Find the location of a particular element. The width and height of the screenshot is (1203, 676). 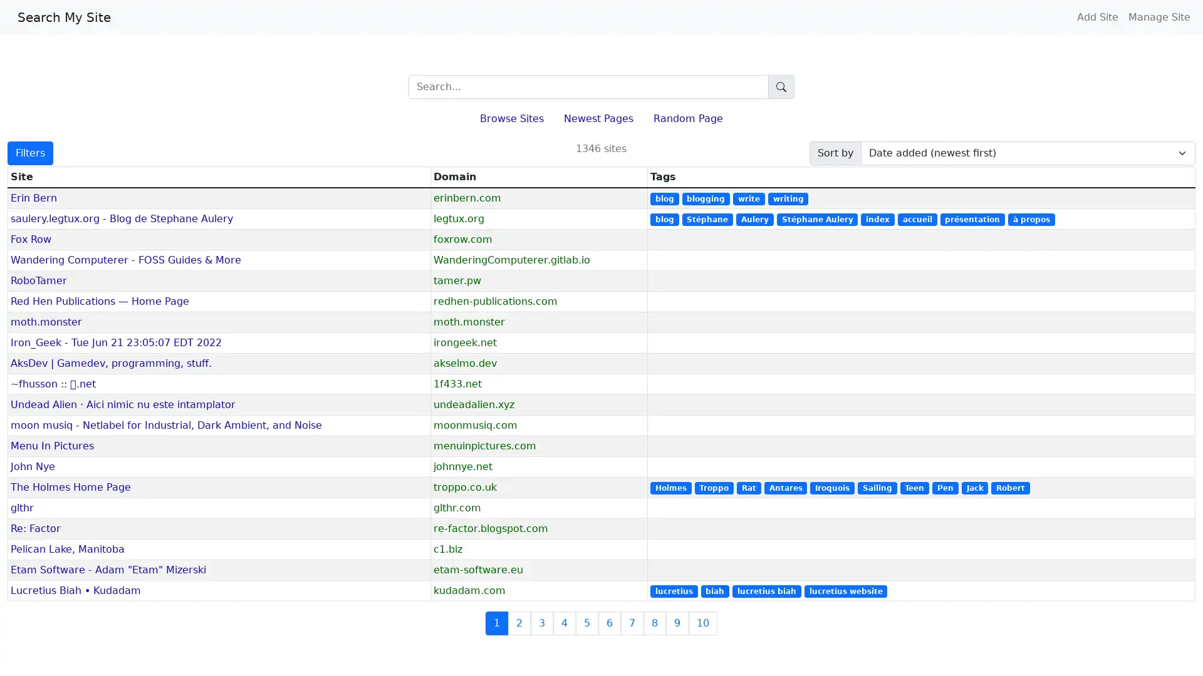

3 is located at coordinates (541, 623).